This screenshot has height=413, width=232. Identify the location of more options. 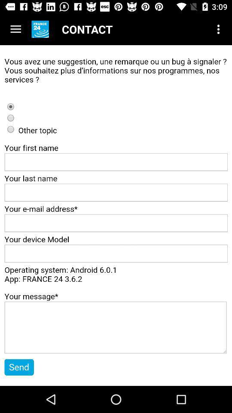
(15, 29).